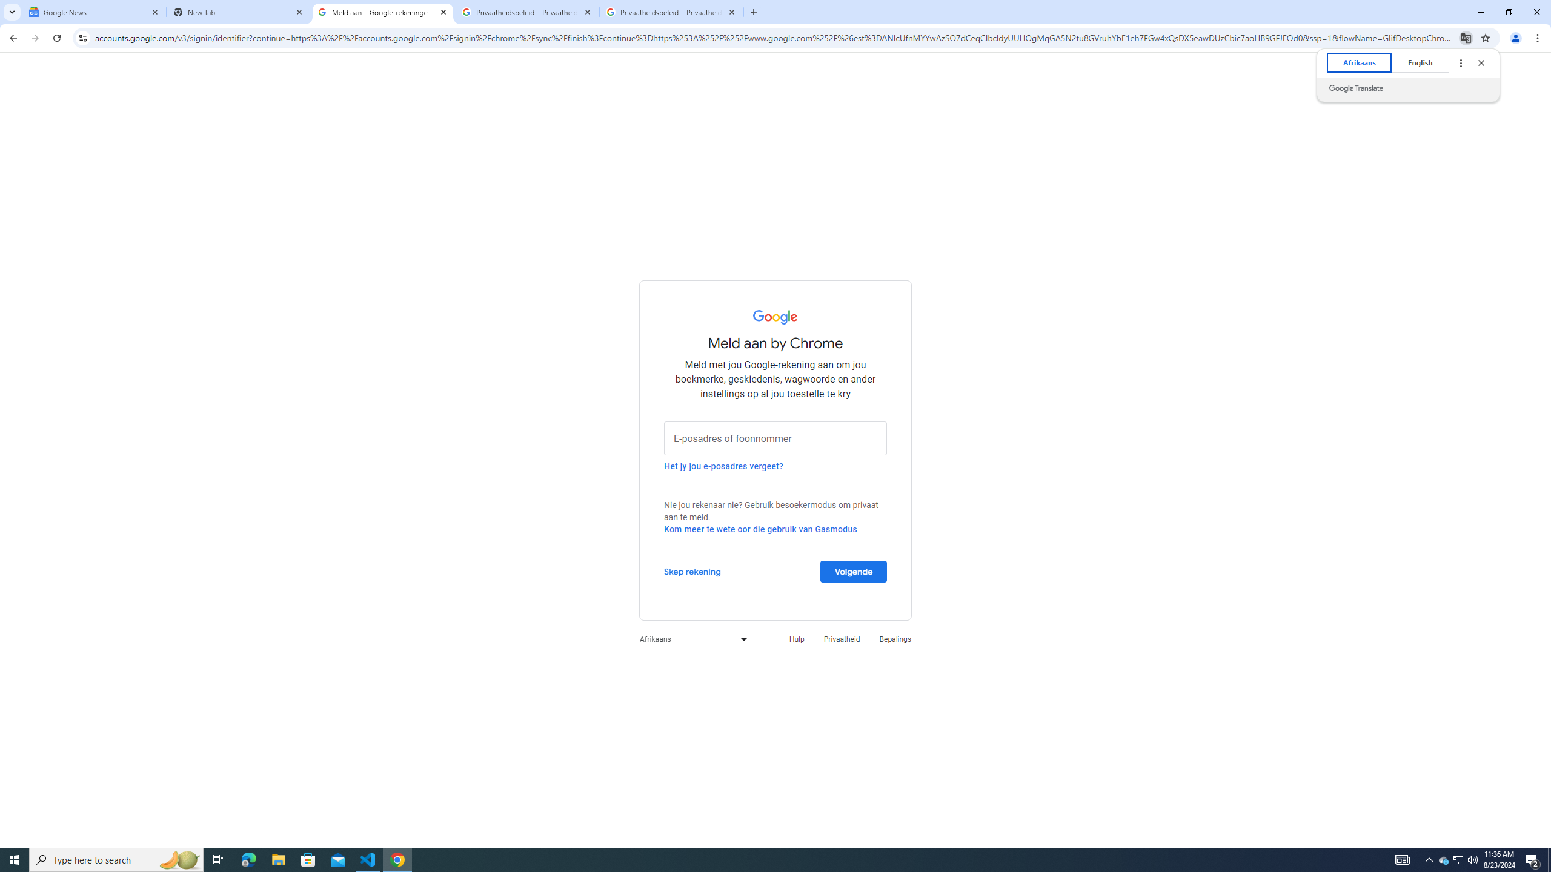 Image resolution: width=1551 pixels, height=872 pixels. What do you see at coordinates (368, 859) in the screenshot?
I see `'Visual Studio Code - 1 running window'` at bounding box center [368, 859].